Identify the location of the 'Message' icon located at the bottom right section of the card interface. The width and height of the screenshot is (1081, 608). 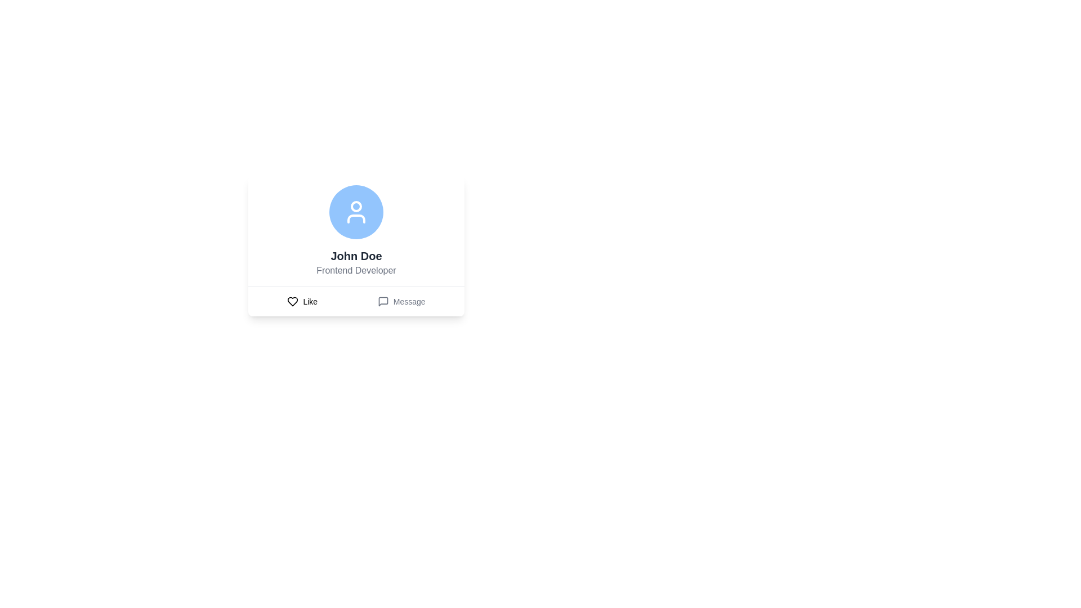
(383, 301).